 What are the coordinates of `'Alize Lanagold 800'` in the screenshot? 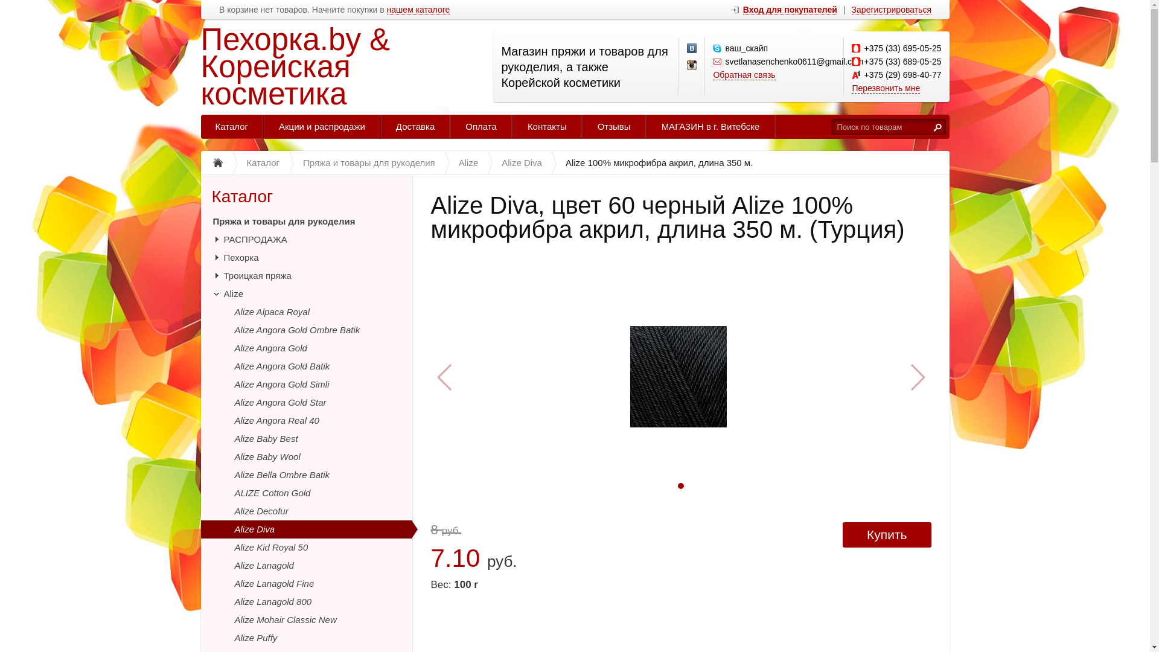 It's located at (306, 601).